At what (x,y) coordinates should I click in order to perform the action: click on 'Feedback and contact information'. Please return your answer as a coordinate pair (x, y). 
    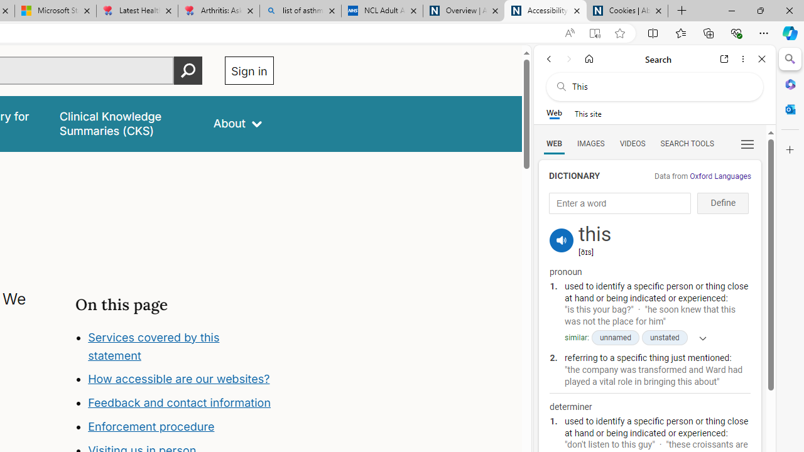
    Looking at the image, I should click on (180, 403).